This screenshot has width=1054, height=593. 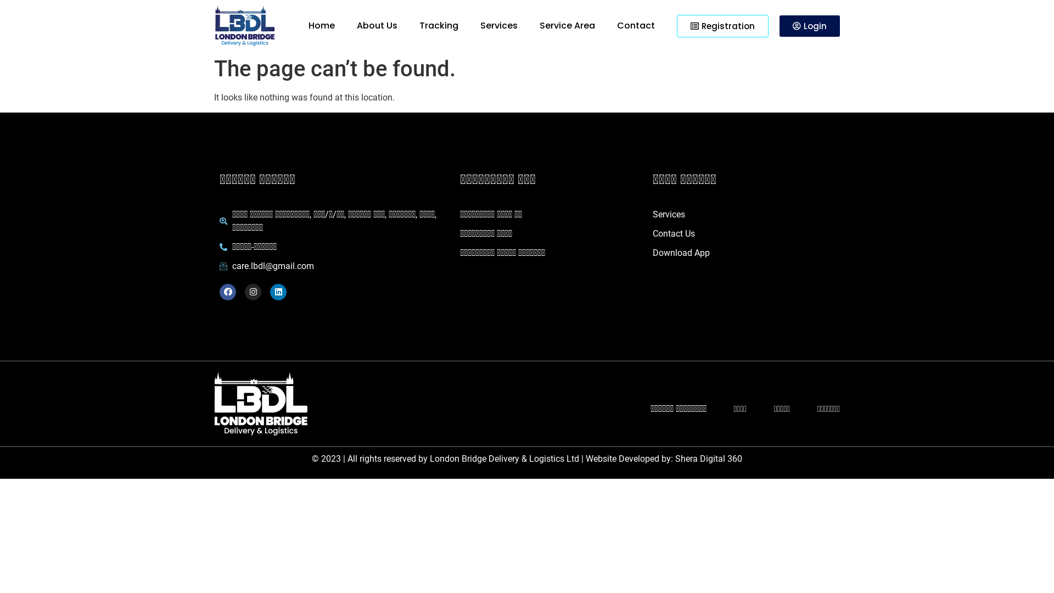 I want to click on 'Contact Us', so click(x=653, y=233).